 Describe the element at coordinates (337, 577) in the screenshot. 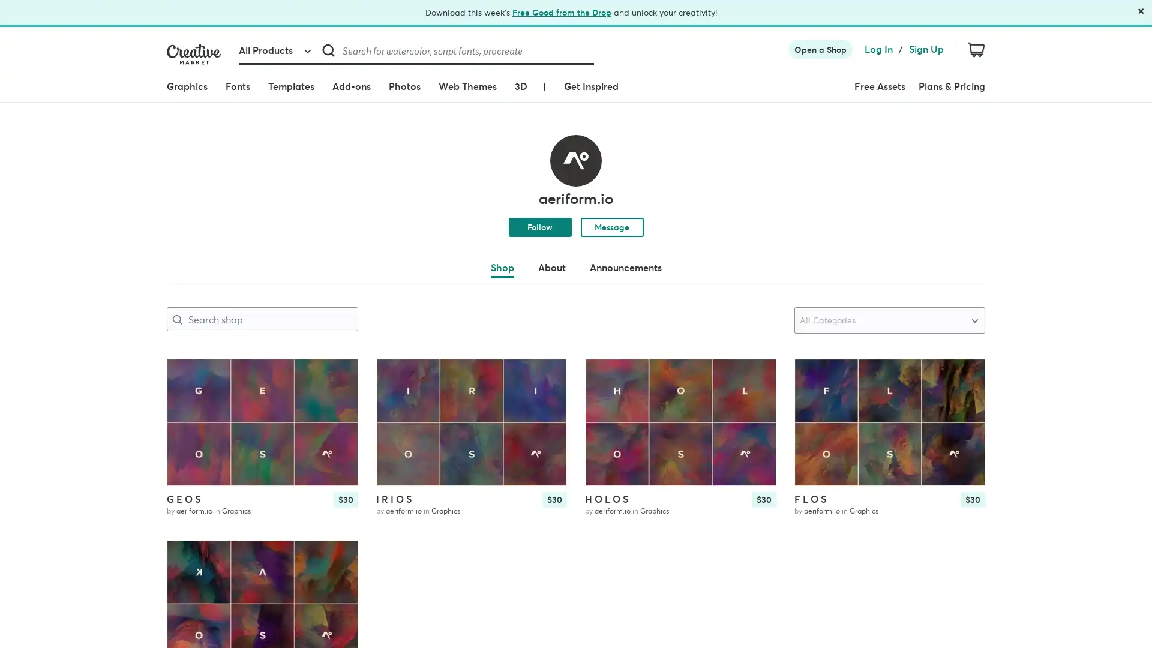

I see `Save` at that location.